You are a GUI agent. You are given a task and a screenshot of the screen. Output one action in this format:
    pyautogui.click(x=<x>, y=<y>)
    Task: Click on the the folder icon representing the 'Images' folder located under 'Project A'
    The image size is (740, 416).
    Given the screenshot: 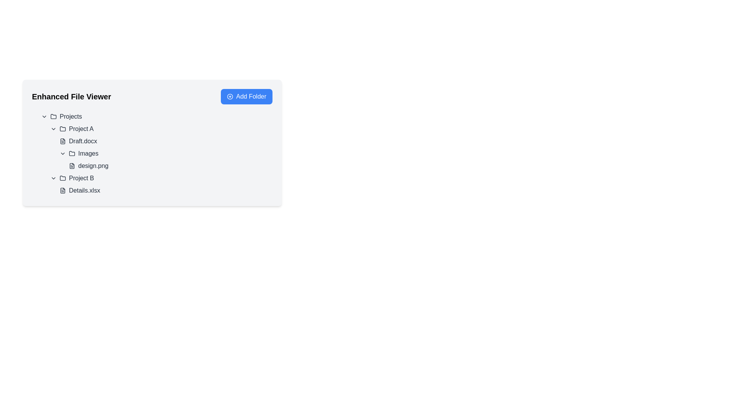 What is the action you would take?
    pyautogui.click(x=72, y=153)
    